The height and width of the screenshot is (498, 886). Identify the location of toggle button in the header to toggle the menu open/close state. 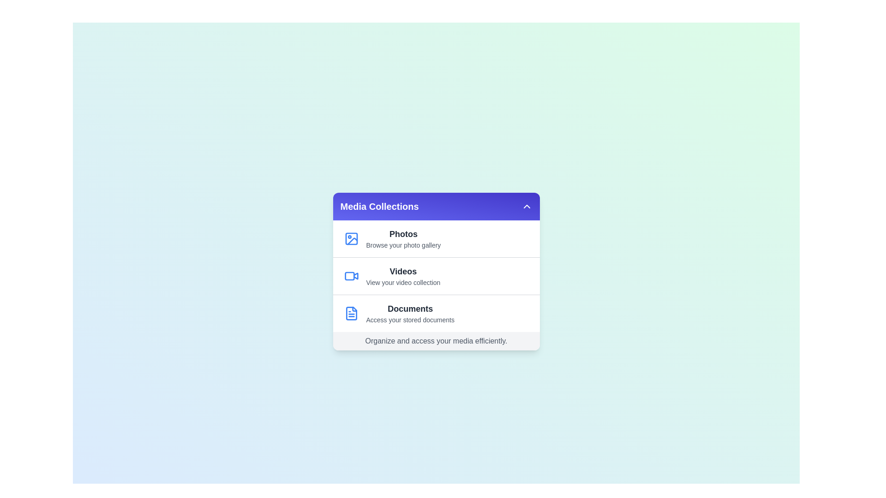
(527, 206).